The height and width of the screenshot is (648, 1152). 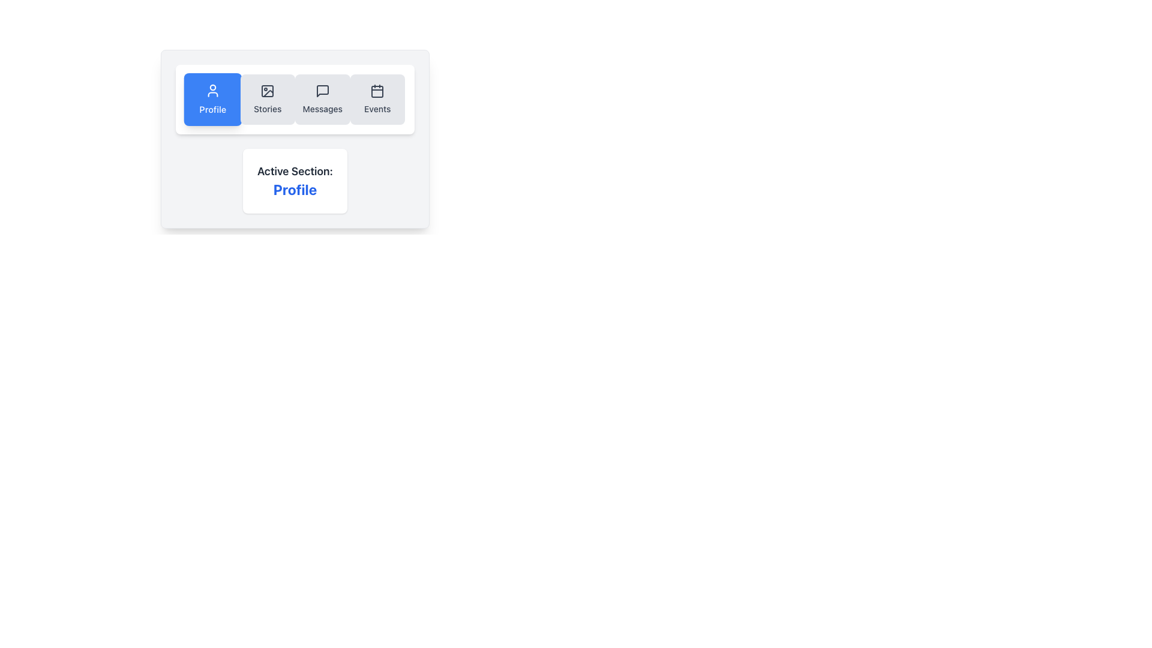 I want to click on the 'Messages' button, which is the third button in a horizontal group containing icons and labels, so click(x=322, y=98).